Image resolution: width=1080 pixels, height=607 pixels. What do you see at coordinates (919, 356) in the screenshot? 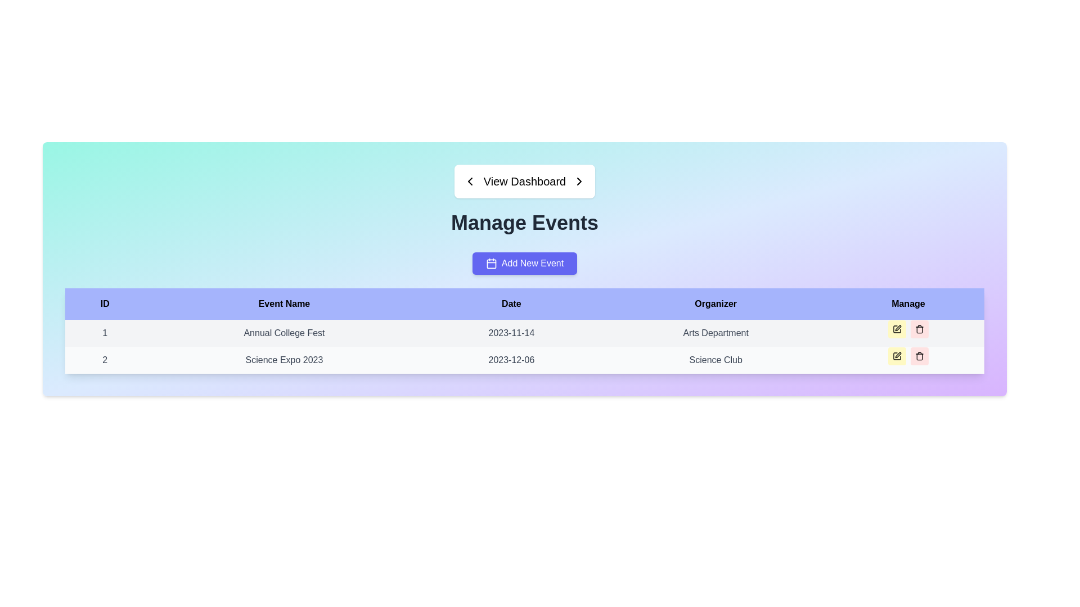
I see `the delete button for the 'Science Expo 2023' event` at bounding box center [919, 356].